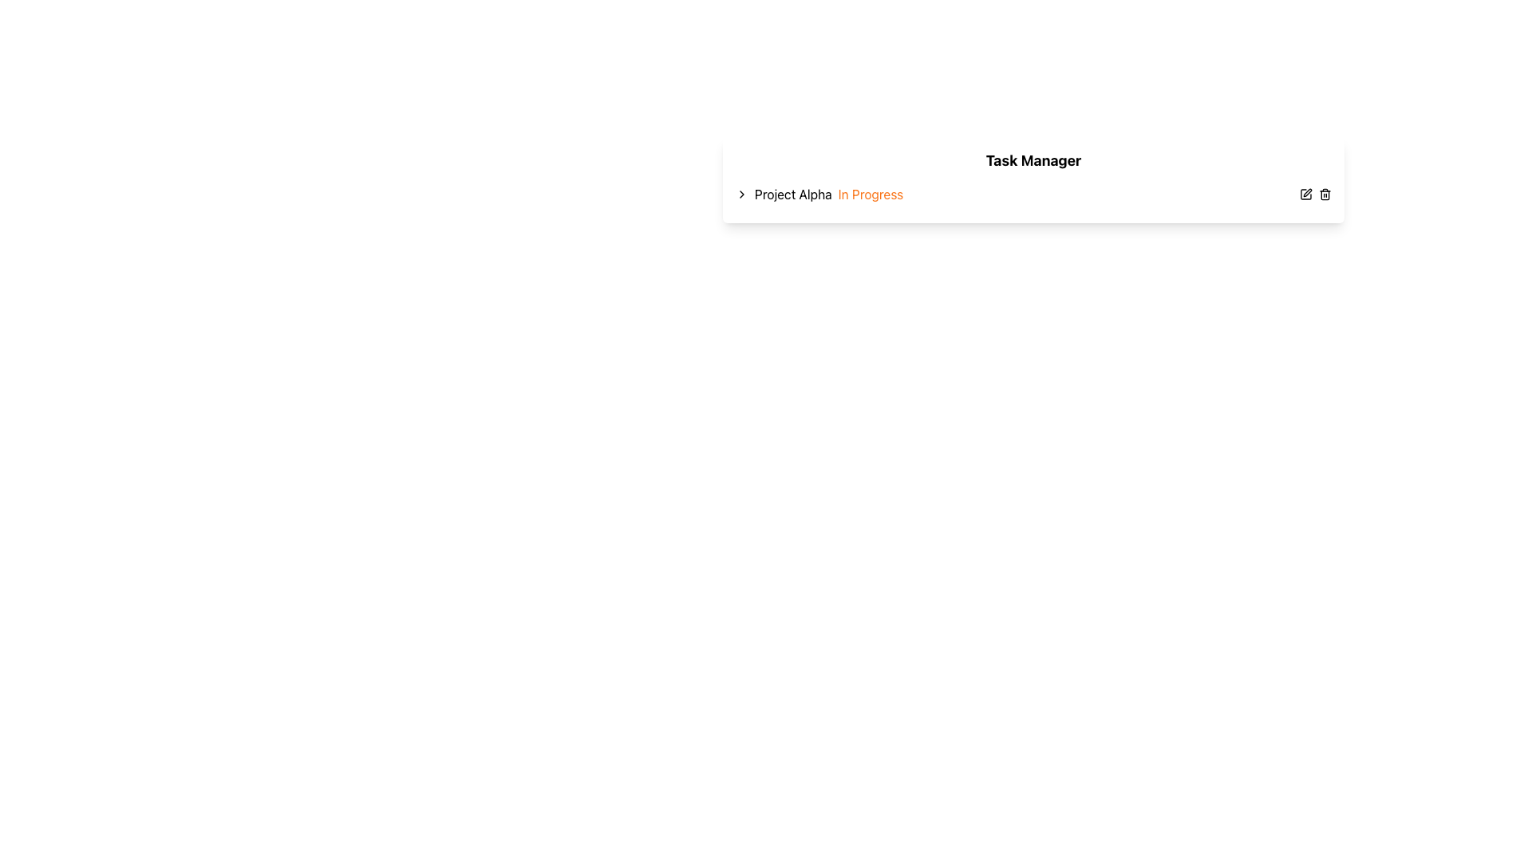 This screenshot has height=861, width=1532. What do you see at coordinates (1305, 193) in the screenshot?
I see `the editing tool icon, which is represented as a pen inside a square outline, located on the right end of the 'Task Manager' section` at bounding box center [1305, 193].